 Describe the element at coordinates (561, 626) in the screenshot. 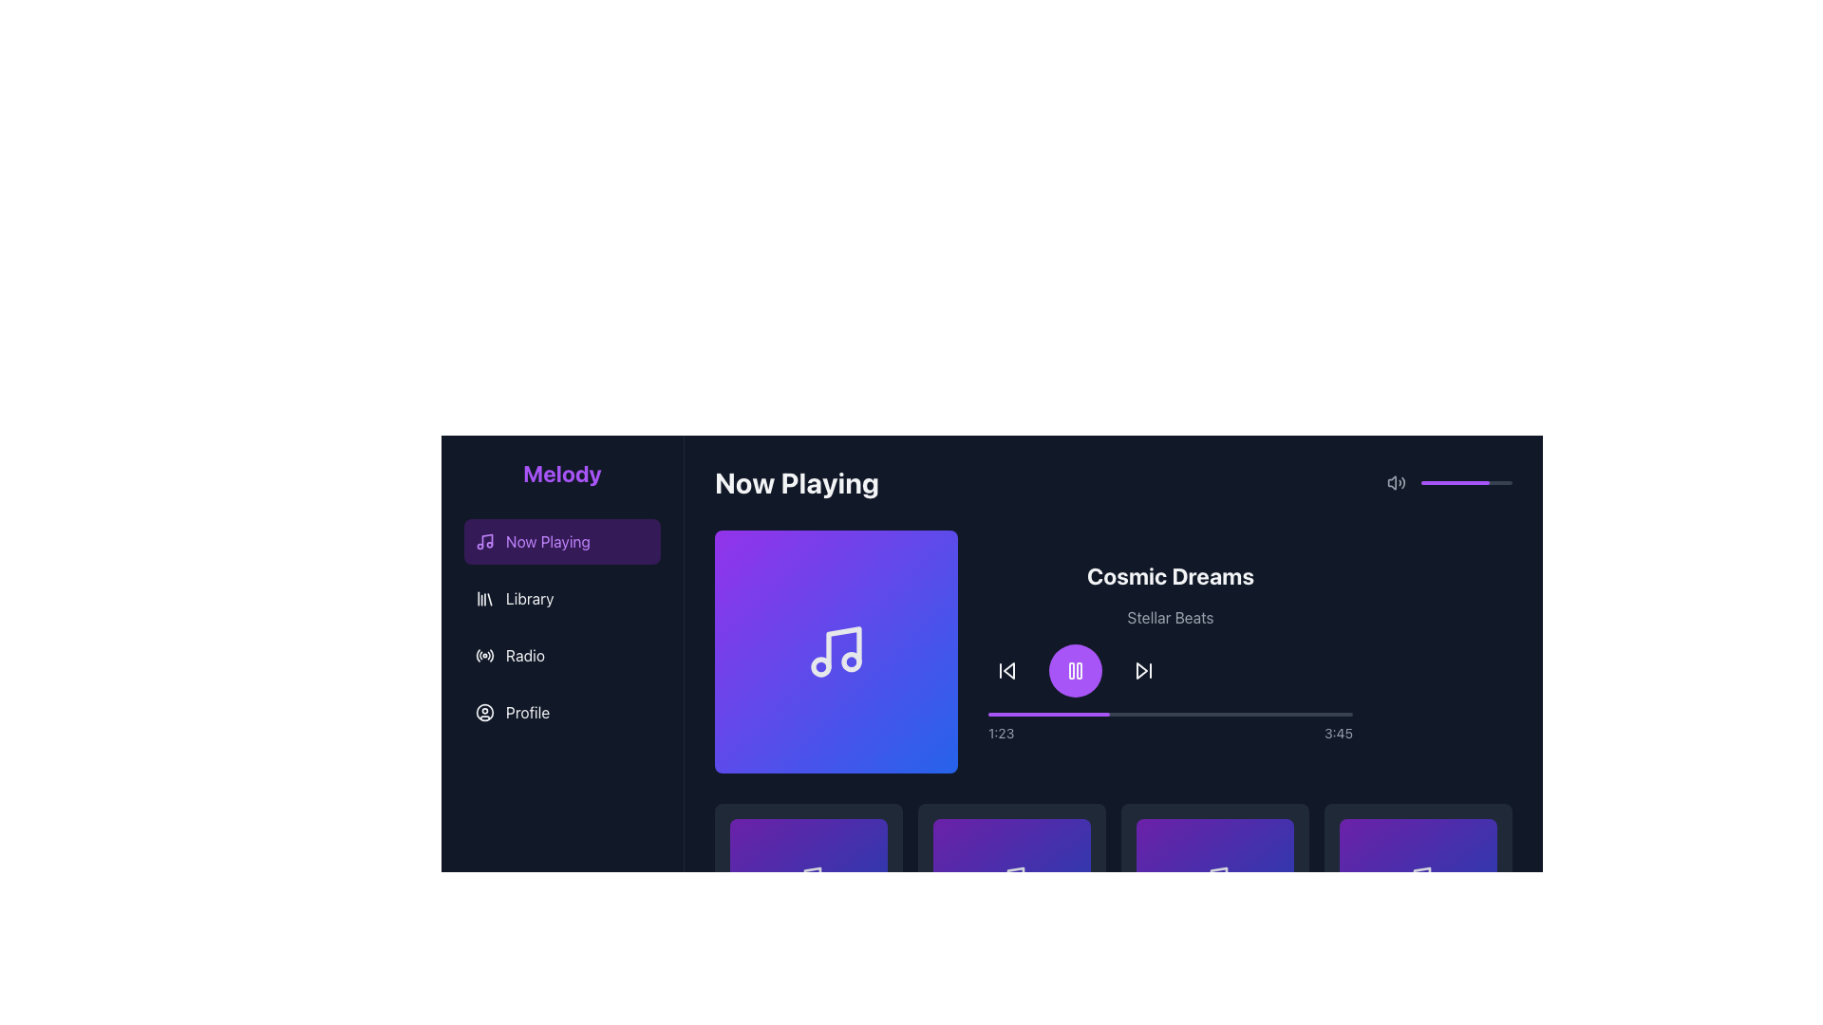

I see `the 'Library' option in the vertical navigation menu` at that location.